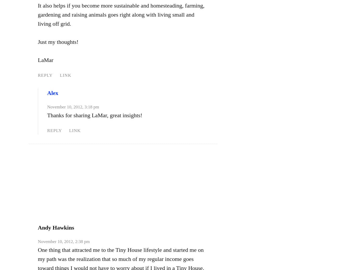 This screenshot has width=337, height=270. I want to click on 'It also helps if you become more sustainable and homesteading, farming, gardening and raising animals goes right along with living small and living off grid.', so click(121, 14).